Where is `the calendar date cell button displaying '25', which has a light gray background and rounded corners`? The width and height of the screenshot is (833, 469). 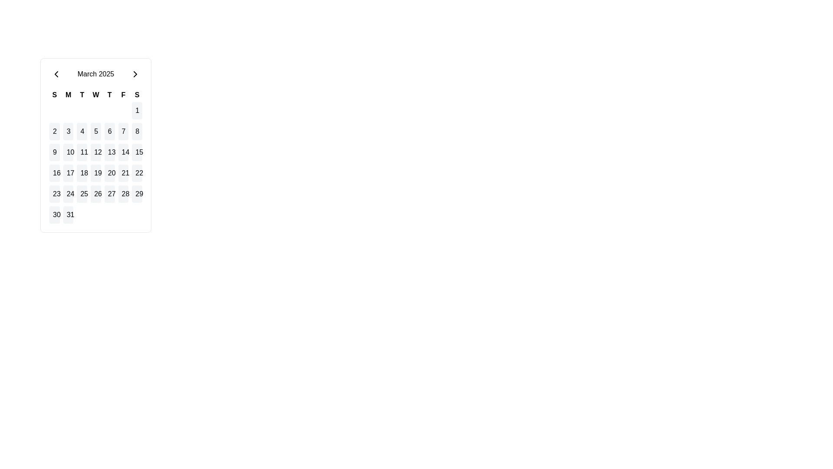
the calendar date cell button displaying '25', which has a light gray background and rounded corners is located at coordinates (82, 194).